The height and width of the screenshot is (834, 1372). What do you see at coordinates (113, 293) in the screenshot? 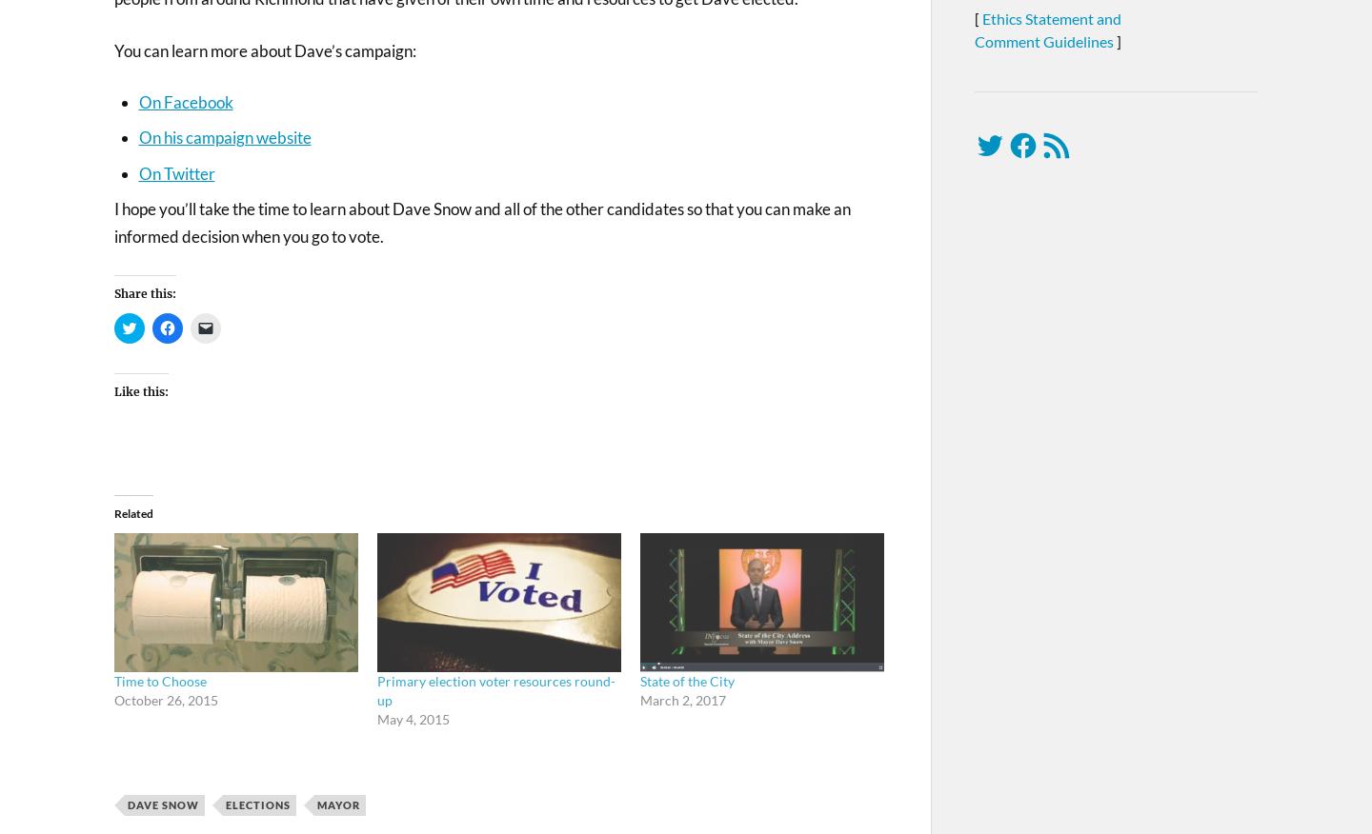
I see `'Share this:'` at bounding box center [113, 293].